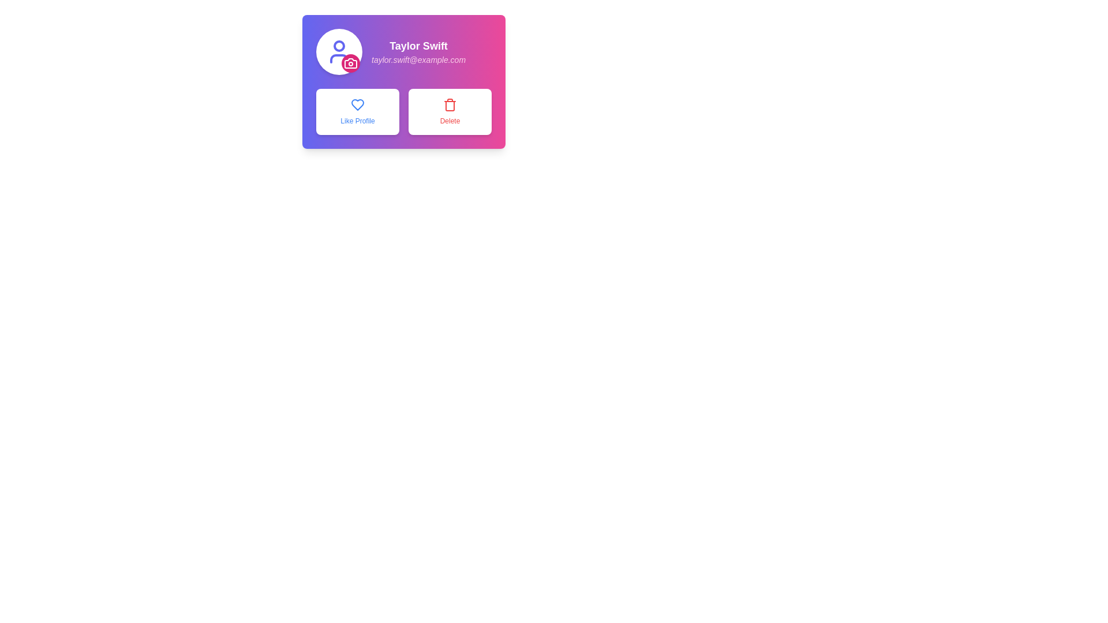 The width and height of the screenshot is (1108, 623). I want to click on the circular button with a bright pink background and a white camera icon, located at the bottom-right corner of the user's icon area, so click(350, 63).